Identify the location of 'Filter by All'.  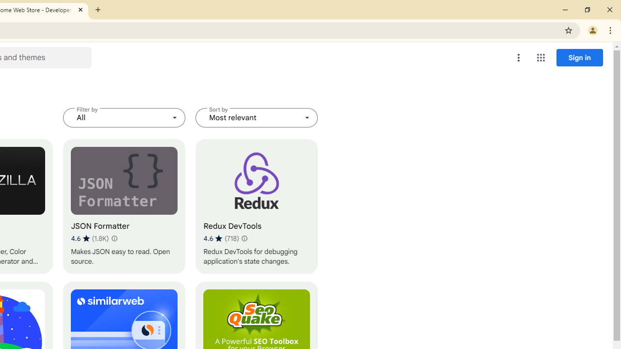
(124, 117).